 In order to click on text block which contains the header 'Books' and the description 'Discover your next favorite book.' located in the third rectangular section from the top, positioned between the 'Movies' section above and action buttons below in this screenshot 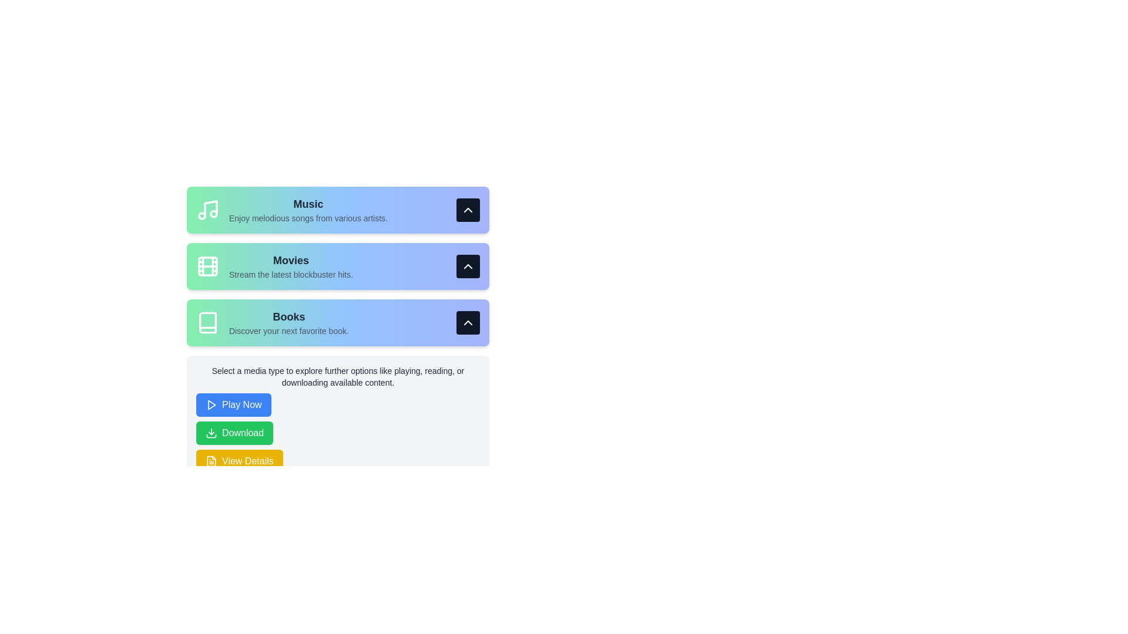, I will do `click(288, 323)`.